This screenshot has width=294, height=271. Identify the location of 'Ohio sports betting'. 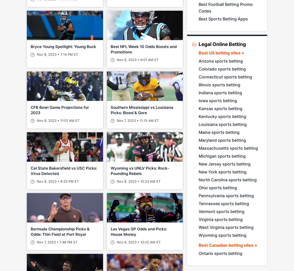
(217, 187).